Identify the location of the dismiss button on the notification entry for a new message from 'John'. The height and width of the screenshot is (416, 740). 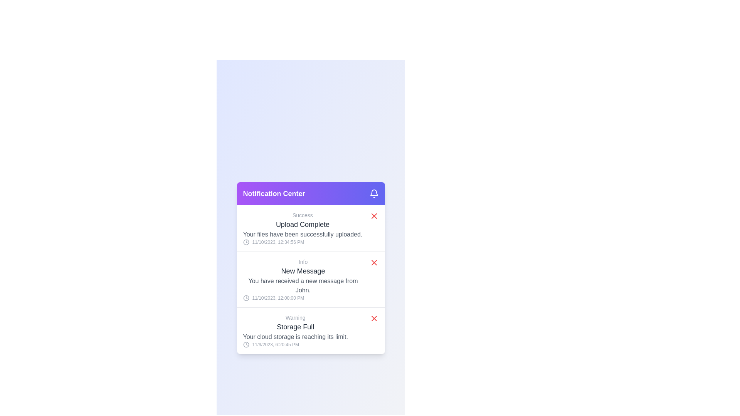
(374, 262).